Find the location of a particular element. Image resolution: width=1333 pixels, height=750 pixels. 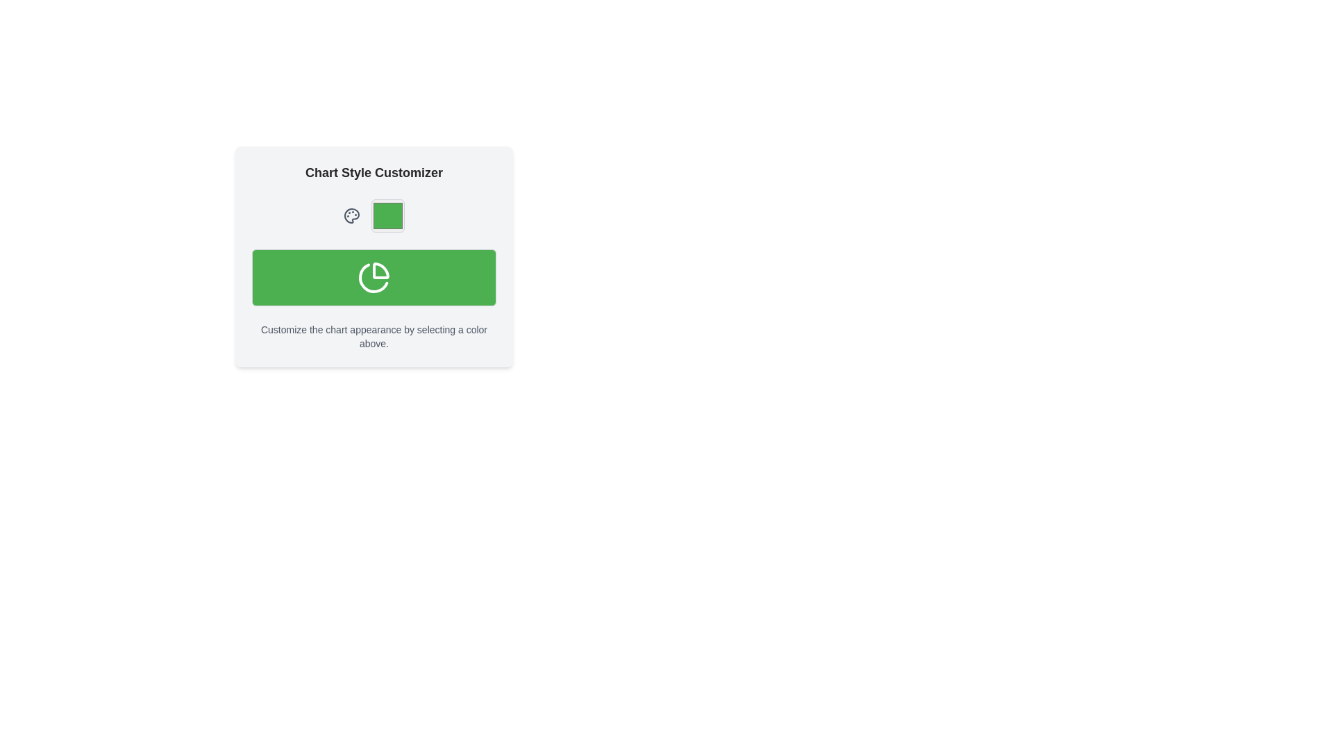

the pie chart icon located centrally within the green rectangular button in the bottom section of the 'Chart Style Customizer' interface is located at coordinates (374, 278).